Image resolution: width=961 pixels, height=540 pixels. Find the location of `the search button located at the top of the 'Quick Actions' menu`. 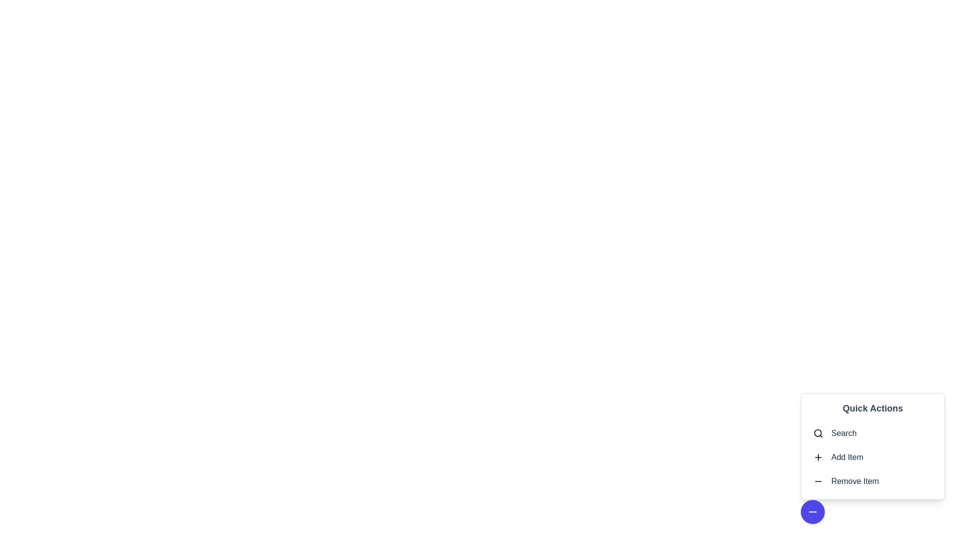

the search button located at the top of the 'Quick Actions' menu is located at coordinates (872, 433).